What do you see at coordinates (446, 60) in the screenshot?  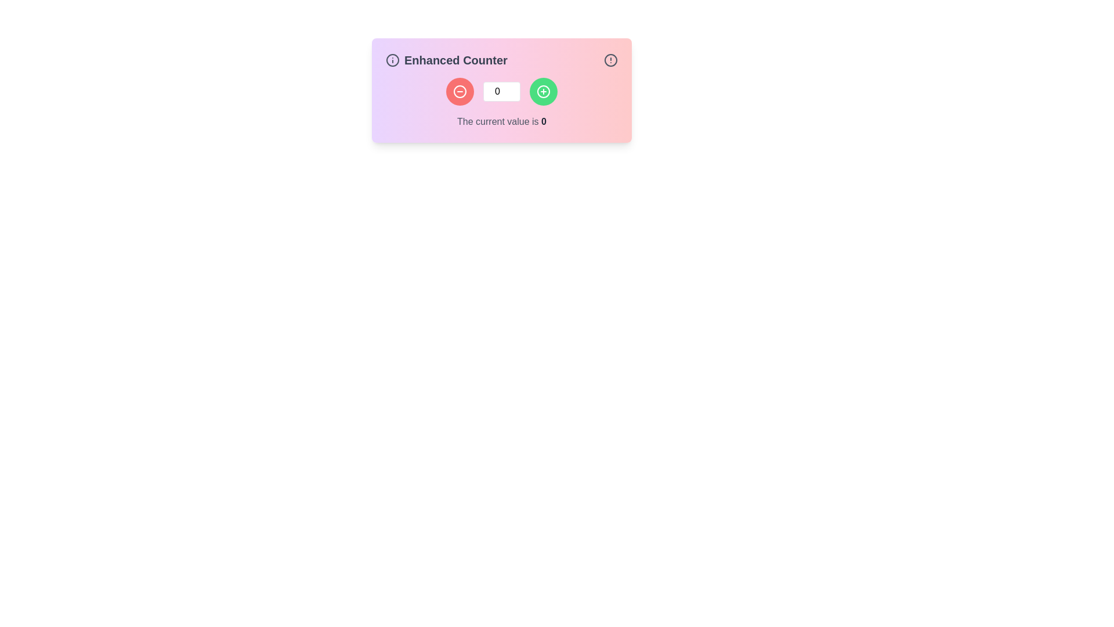 I see `'Enhanced Counter' text label located near the top left of the panel, adjacent to the info icon` at bounding box center [446, 60].